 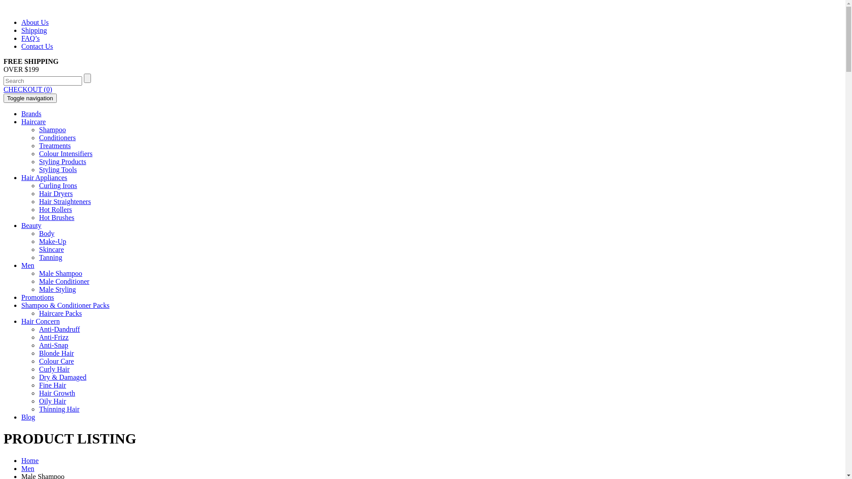 What do you see at coordinates (35, 22) in the screenshot?
I see `'About Us'` at bounding box center [35, 22].